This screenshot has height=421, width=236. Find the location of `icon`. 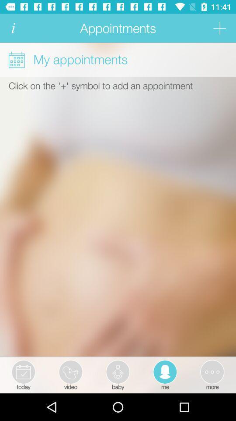

icon is located at coordinates (13, 28).